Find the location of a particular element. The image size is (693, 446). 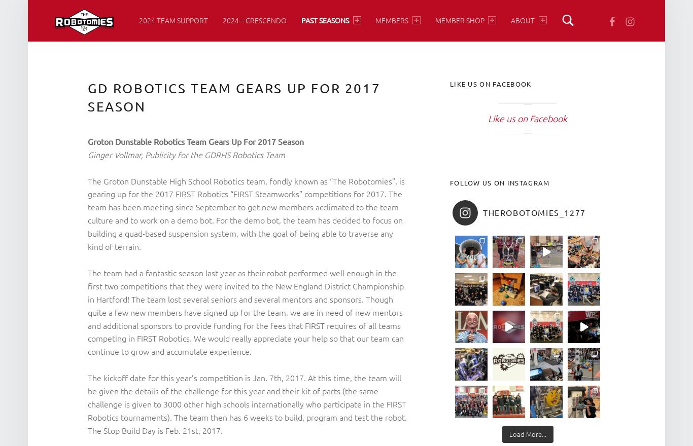

'The kickoff date for this year’s competition is Jan. 7th, 2017. At this time, the team will be given the details of the challenge for this year and their kit of parts (the same challenge is given to 3000 other high schools internationally who participate in the FIRST Robotics tournaments). The team then has 6 weeks to build, program and test the robot. The Stop Build Day is Feb. 21st, 2017.' is located at coordinates (247, 403).